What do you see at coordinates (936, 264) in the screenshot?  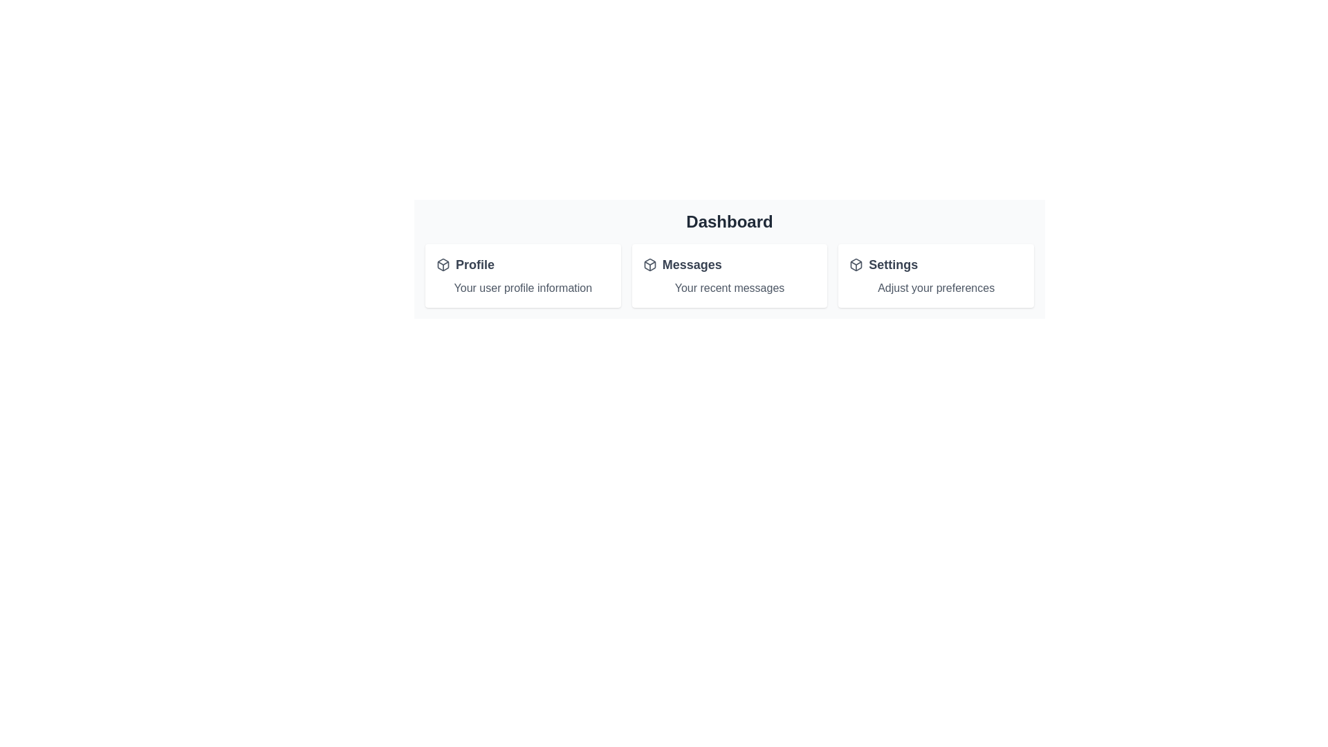 I see `the 'Settings' button located in the third column of the interface` at bounding box center [936, 264].